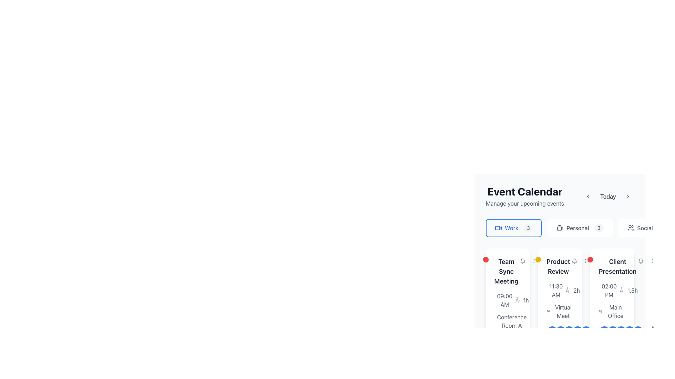 Image resolution: width=675 pixels, height=379 pixels. I want to click on the second circular badge in the horizontal sequence located in the lower section of the event calendar interface, so click(612, 331).